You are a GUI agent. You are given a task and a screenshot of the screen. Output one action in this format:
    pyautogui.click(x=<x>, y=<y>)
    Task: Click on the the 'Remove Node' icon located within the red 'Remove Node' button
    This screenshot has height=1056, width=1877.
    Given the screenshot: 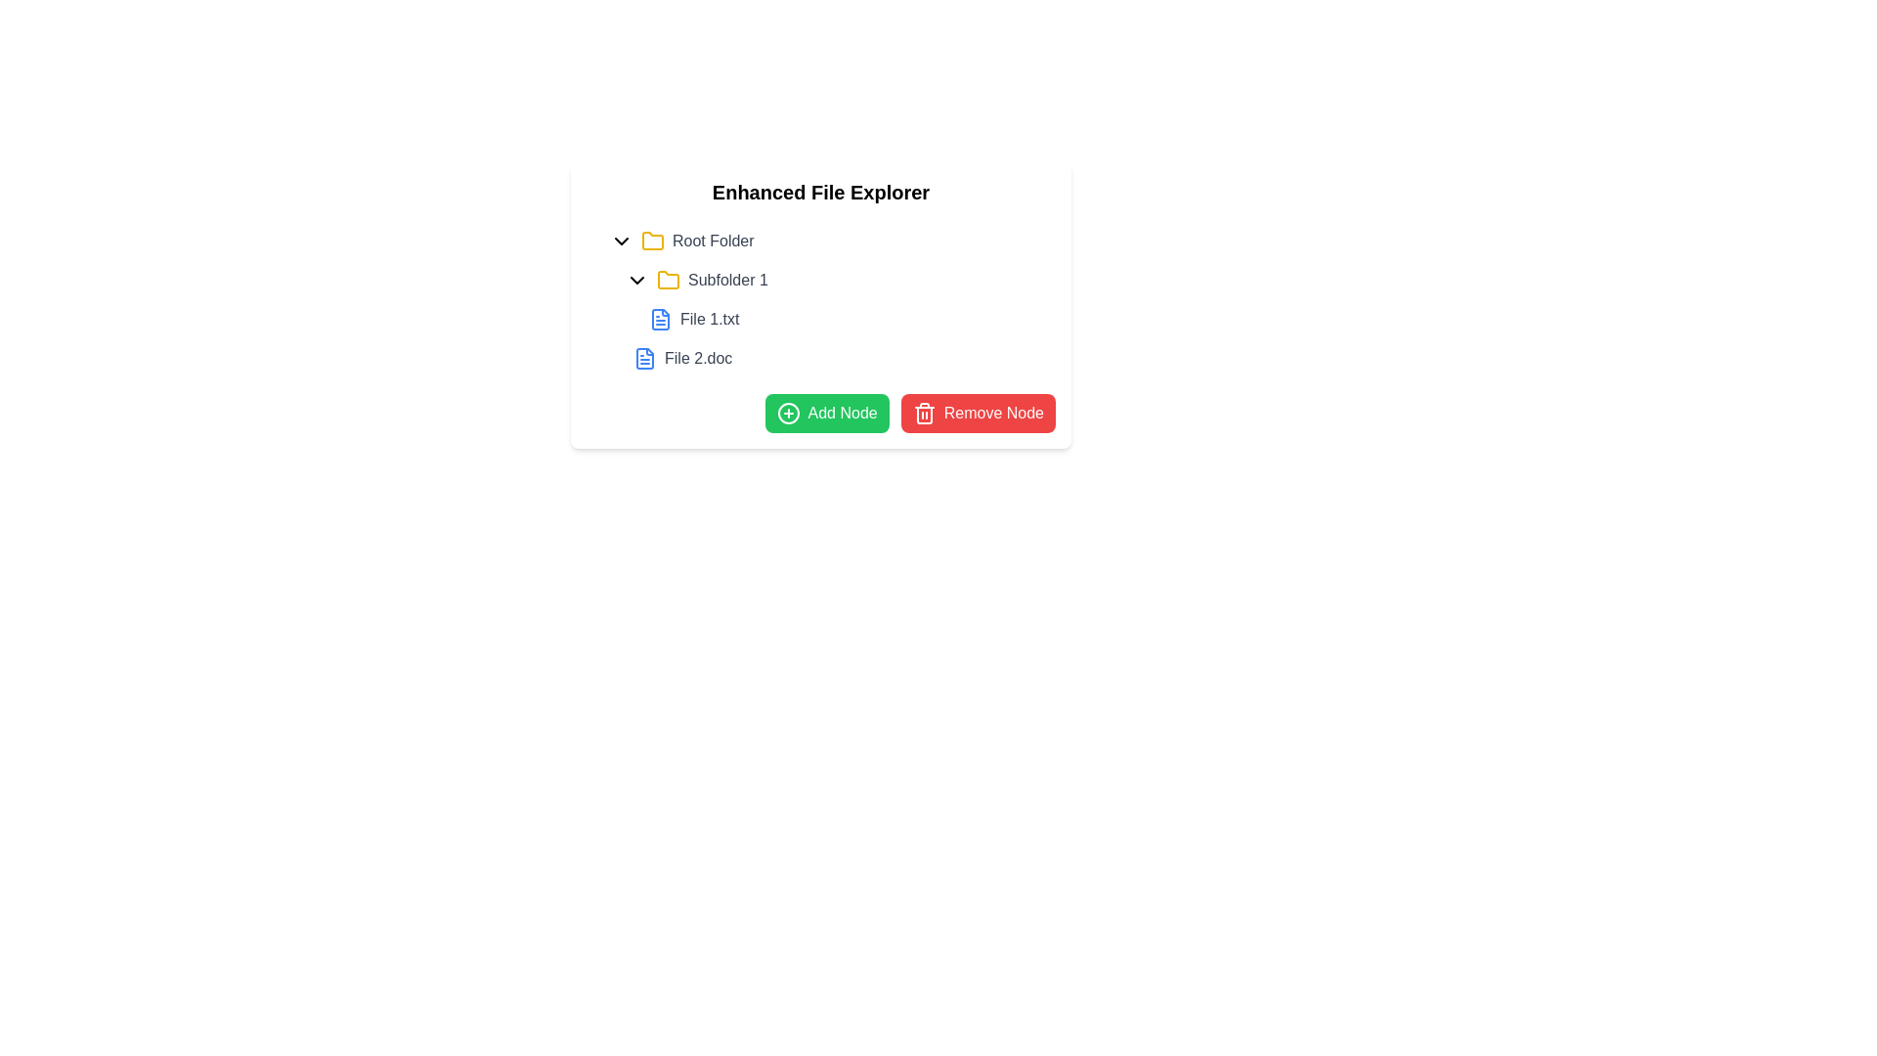 What is the action you would take?
    pyautogui.click(x=923, y=413)
    